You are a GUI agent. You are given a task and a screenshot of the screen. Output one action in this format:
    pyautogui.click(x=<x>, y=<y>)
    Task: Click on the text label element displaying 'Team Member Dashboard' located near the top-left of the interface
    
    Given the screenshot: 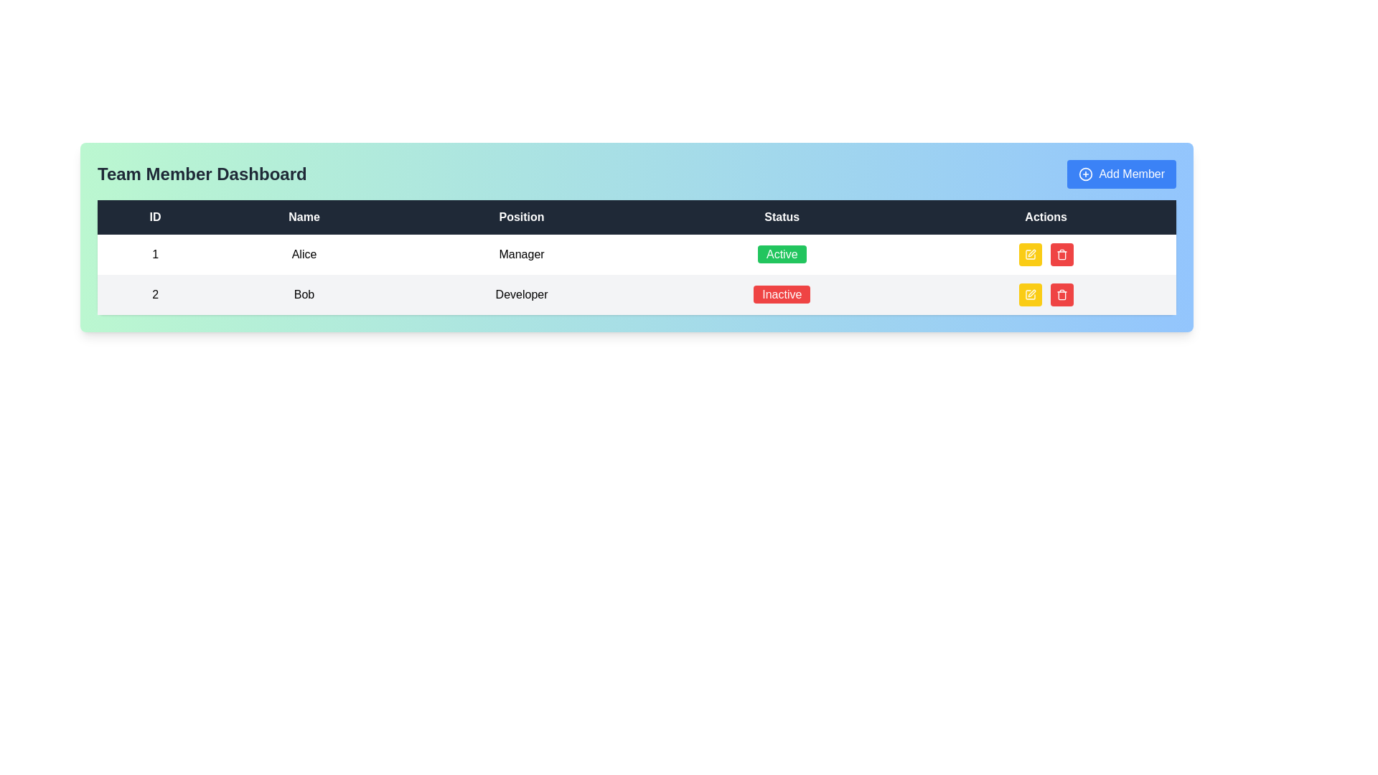 What is the action you would take?
    pyautogui.click(x=201, y=174)
    